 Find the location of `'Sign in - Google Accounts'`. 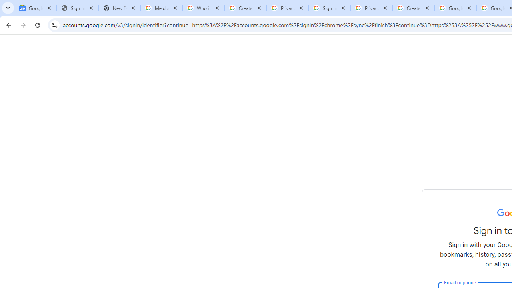

'Sign in - Google Accounts' is located at coordinates (330, 8).